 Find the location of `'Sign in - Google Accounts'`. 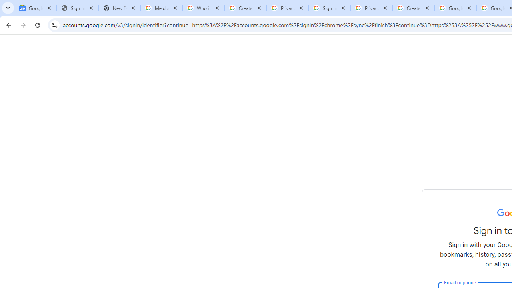

'Sign in - Google Accounts' is located at coordinates (330, 8).